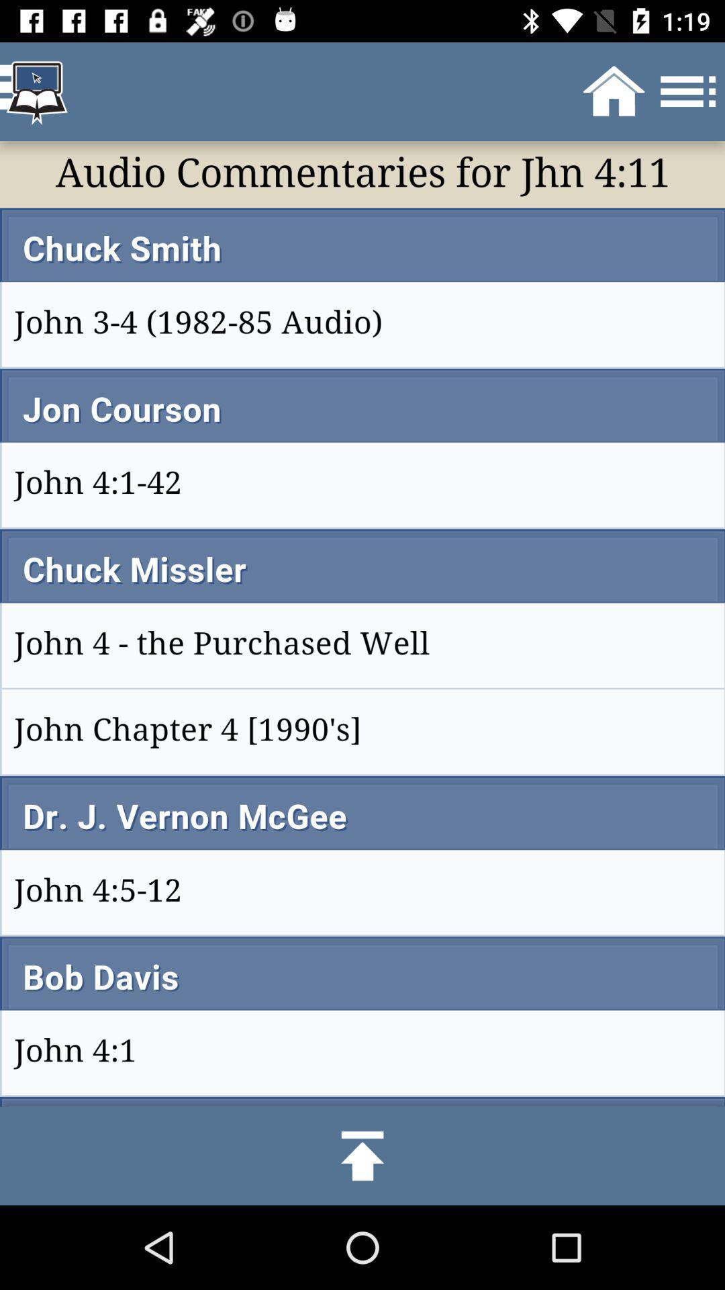  I want to click on to download, so click(362, 1155).